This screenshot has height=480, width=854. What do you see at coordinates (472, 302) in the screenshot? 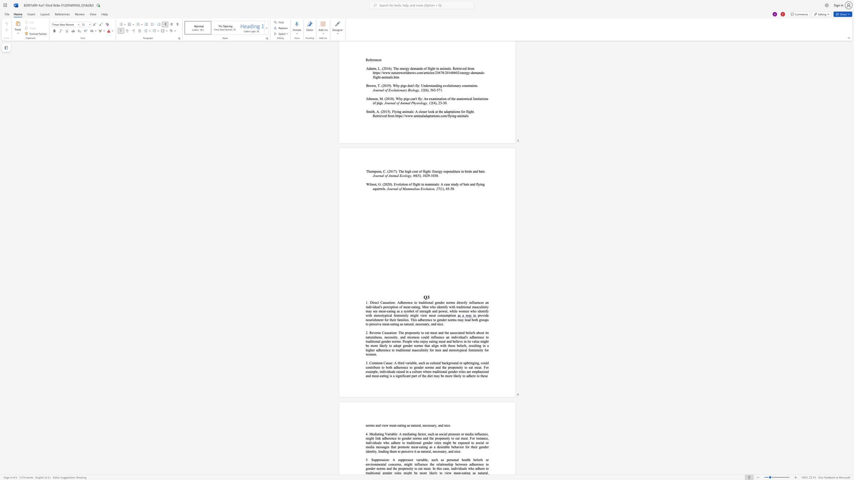
I see `the 1th character "f" in the text` at bounding box center [472, 302].